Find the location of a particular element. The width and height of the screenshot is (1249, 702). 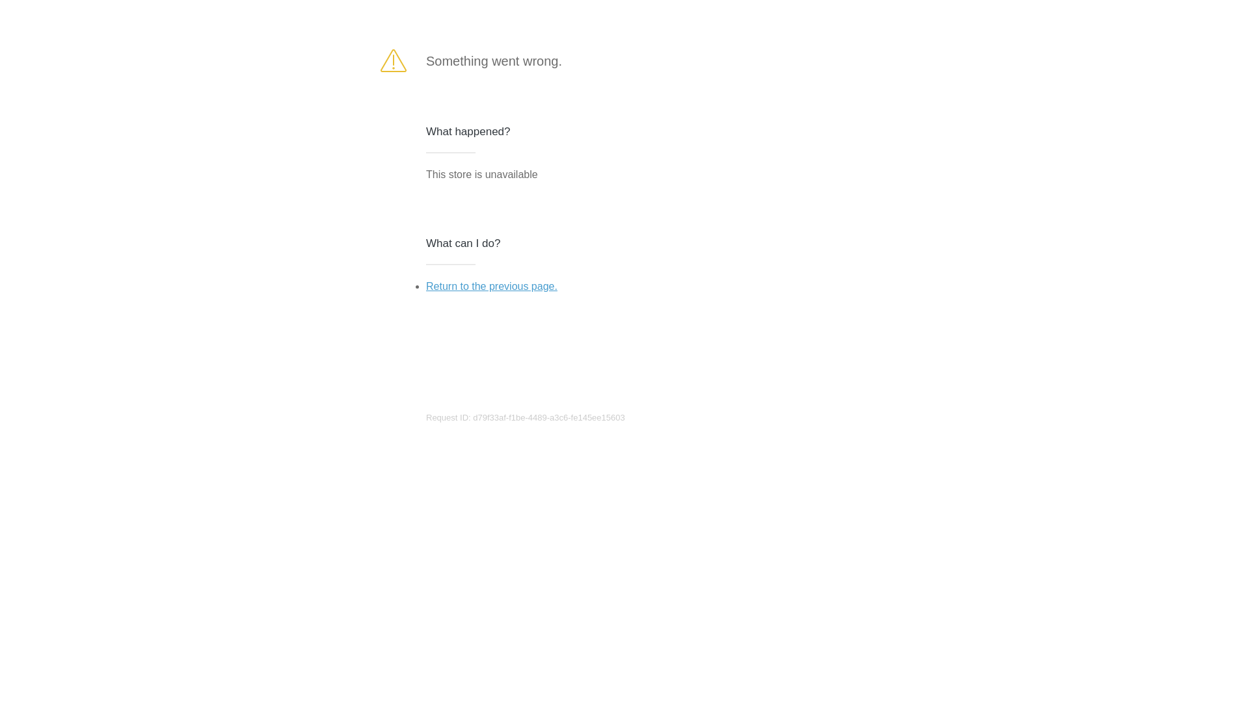

'Return to the previous page.' is located at coordinates (490, 285).